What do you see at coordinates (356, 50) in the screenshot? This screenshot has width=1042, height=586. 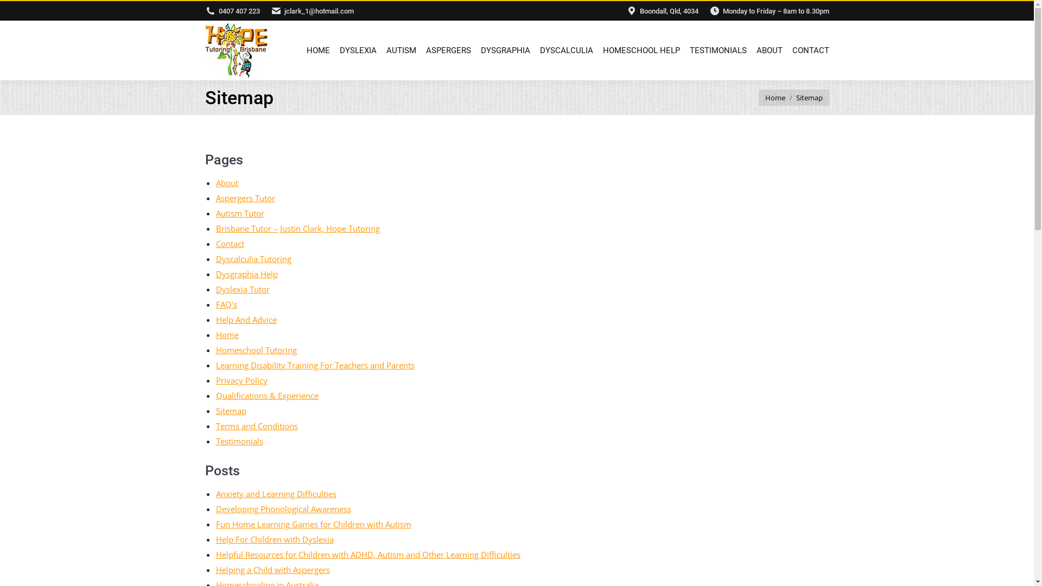 I see `'DYSLEXIA'` at bounding box center [356, 50].